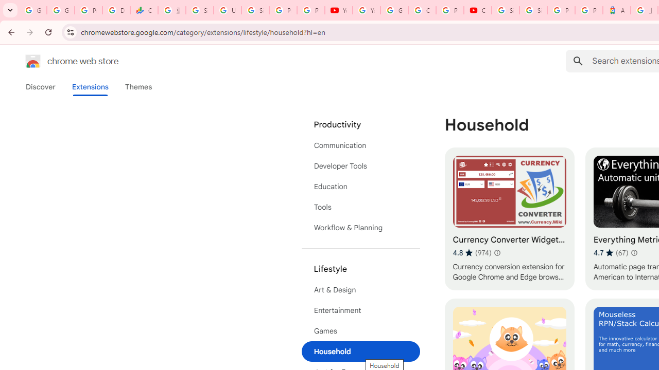  What do you see at coordinates (360, 227) in the screenshot?
I see `'Workflow & Planning'` at bounding box center [360, 227].